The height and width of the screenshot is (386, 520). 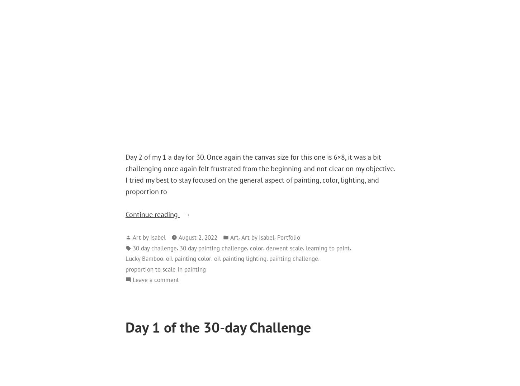 I want to click on 'Day 2 of my 1 a day for 30. Once again the canvas size for this one is 6×8, it was a bit challenging once again felt frustrated from the beginning and not clear on my objective. I tried my best to stay focused on the general aspect of painting, color, lighting, and proportion to', so click(x=260, y=174).